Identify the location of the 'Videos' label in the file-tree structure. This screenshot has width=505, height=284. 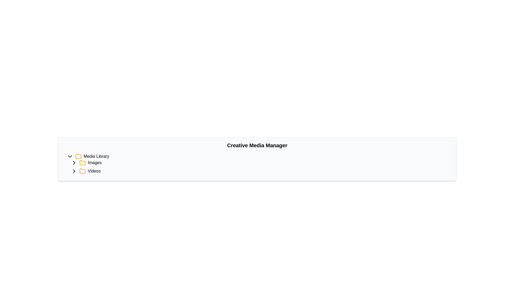
(94, 171).